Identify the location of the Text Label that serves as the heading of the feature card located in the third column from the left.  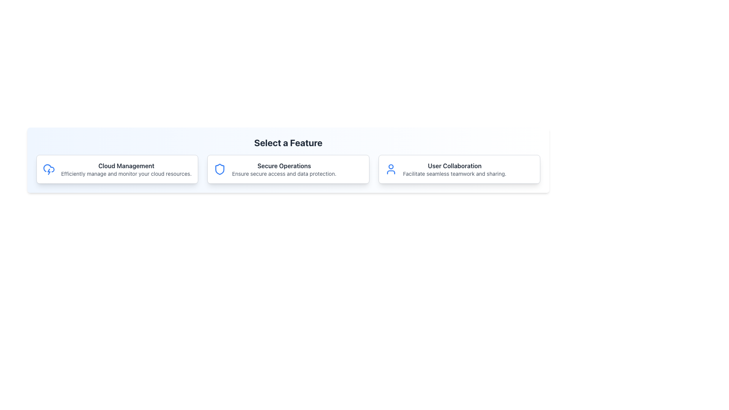
(454, 165).